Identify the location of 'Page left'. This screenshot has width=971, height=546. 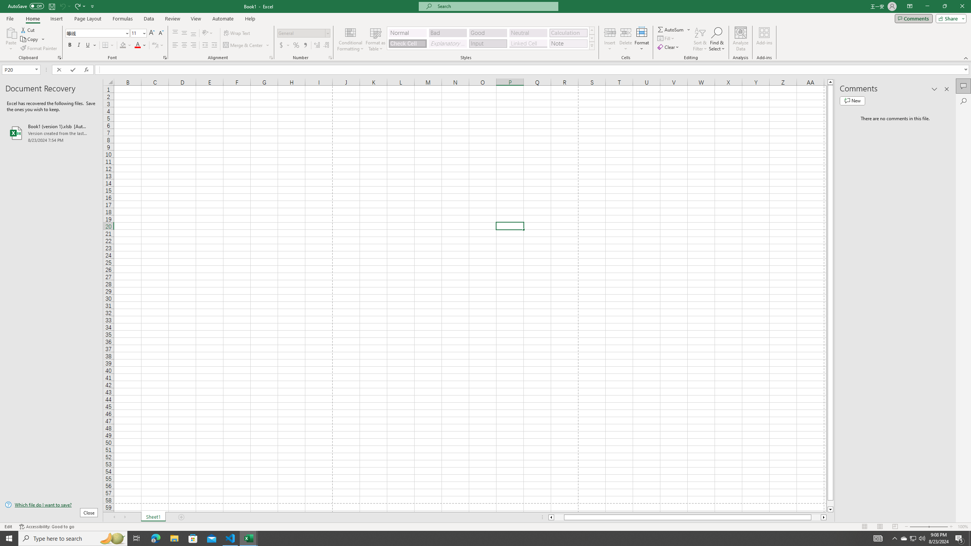
(559, 517).